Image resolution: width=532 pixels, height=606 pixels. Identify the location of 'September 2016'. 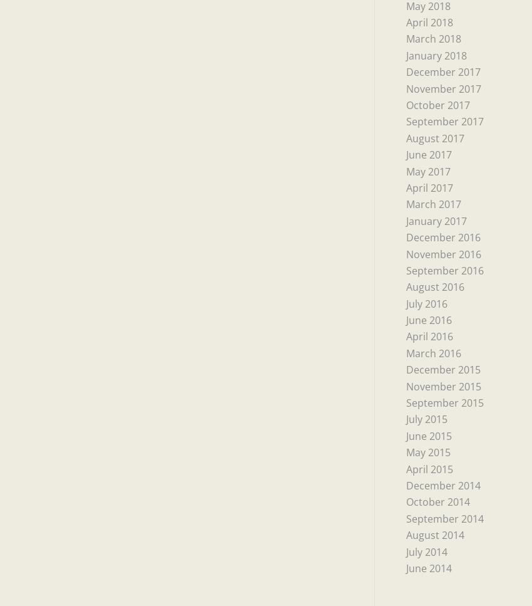
(444, 269).